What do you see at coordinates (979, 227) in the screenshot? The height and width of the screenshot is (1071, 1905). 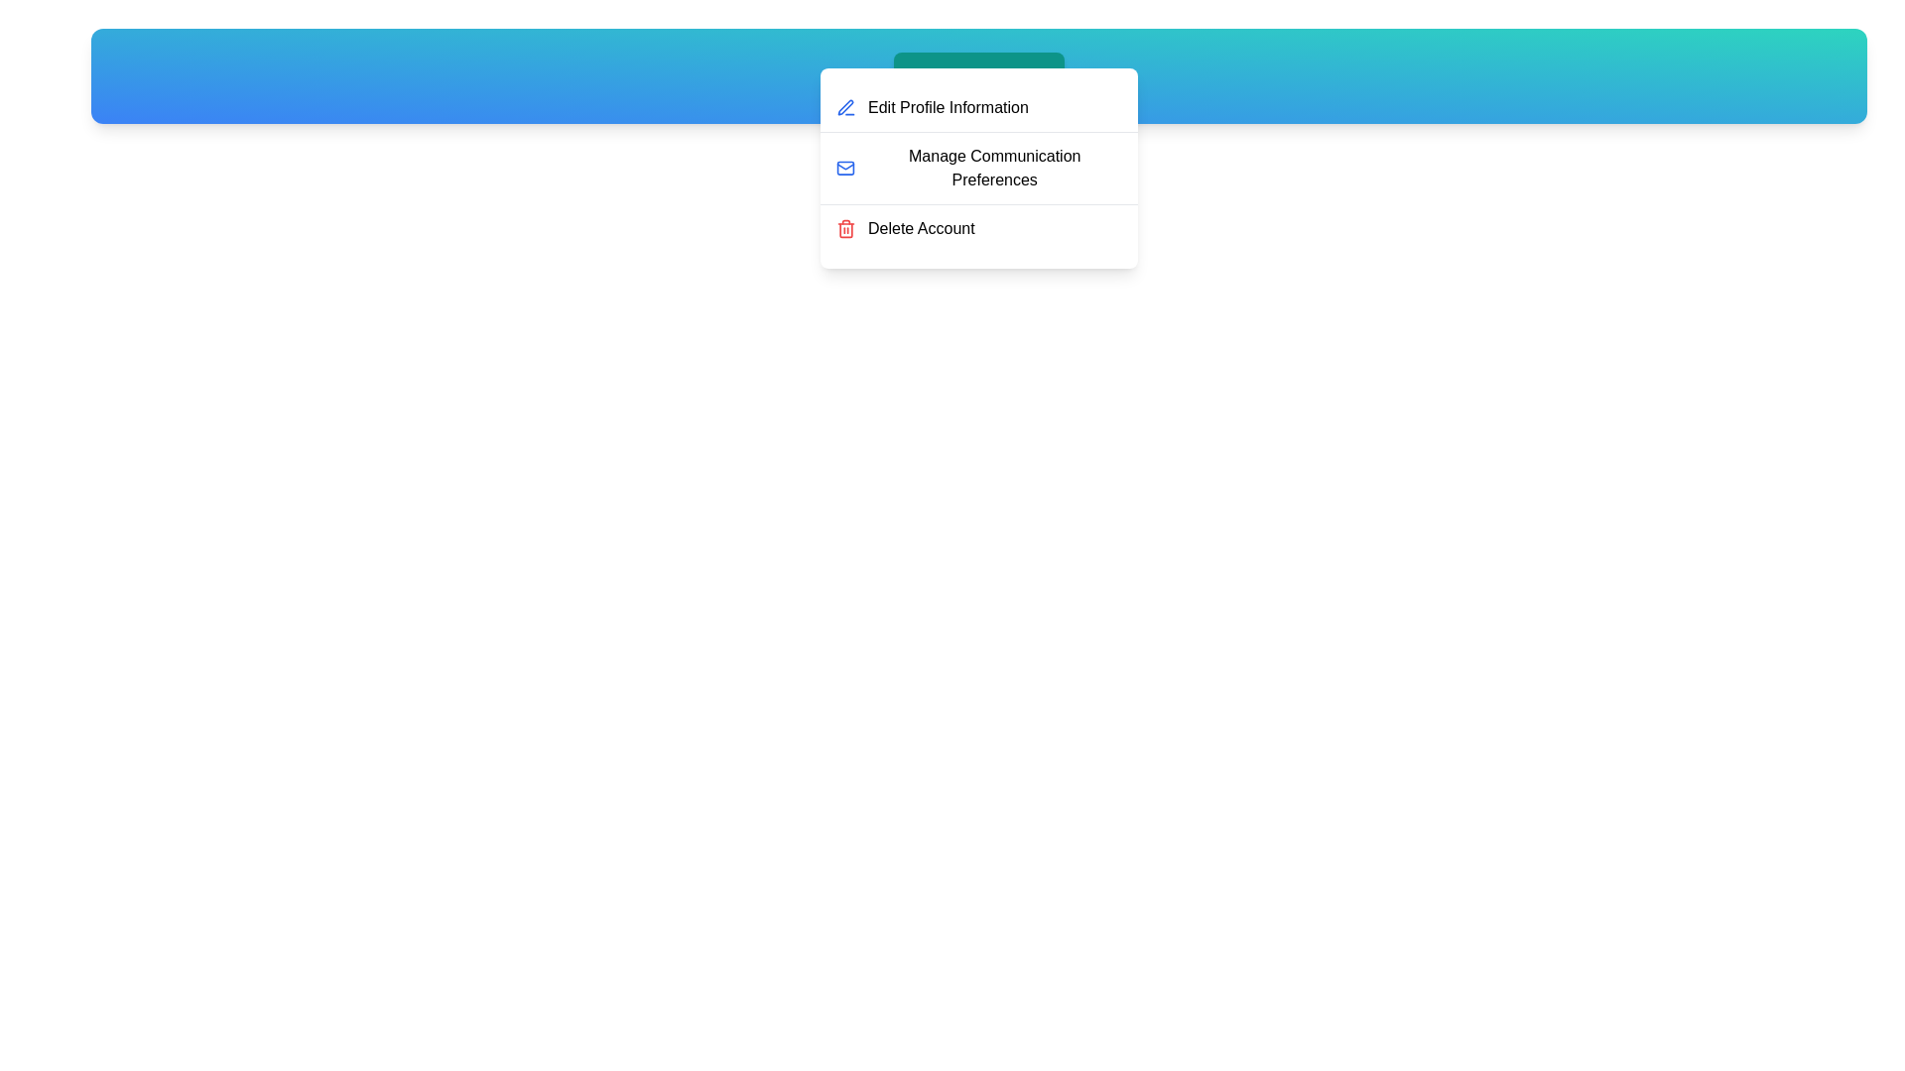 I see `the menu item Delete Account to highlight it` at bounding box center [979, 227].